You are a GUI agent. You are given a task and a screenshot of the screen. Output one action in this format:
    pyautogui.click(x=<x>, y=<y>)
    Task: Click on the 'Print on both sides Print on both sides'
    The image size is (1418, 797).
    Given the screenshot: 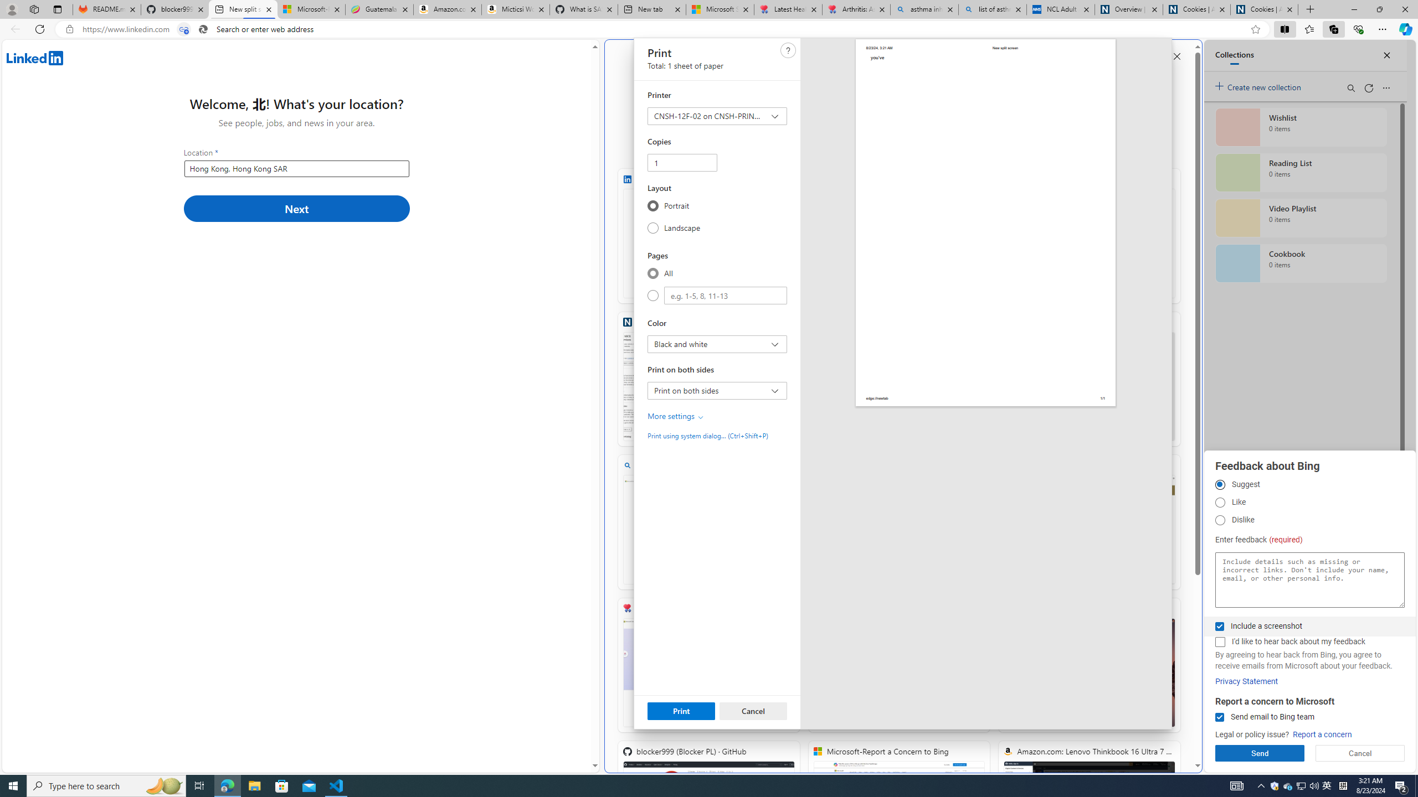 What is the action you would take?
    pyautogui.click(x=717, y=390)
    